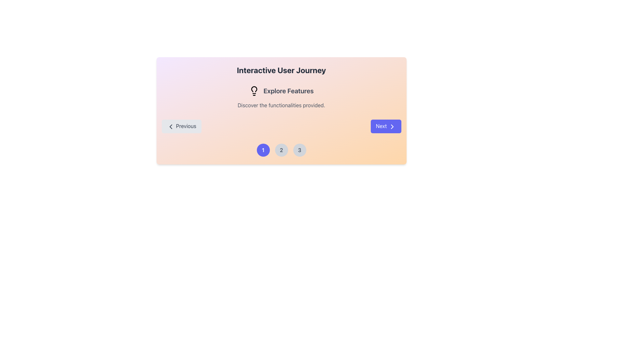  I want to click on the third button in a group of three pagination buttons, so click(299, 150).